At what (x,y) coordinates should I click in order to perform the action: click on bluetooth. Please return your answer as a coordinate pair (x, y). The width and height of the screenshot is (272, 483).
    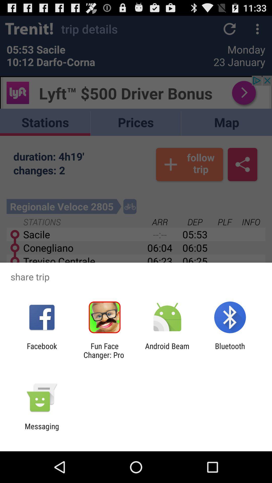
    Looking at the image, I should click on (230, 350).